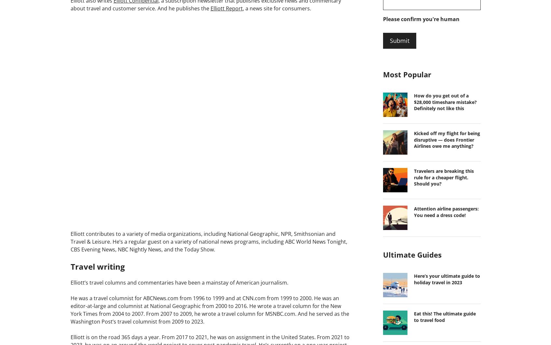  I want to click on 'Attention airline passengers: You need a dress code!', so click(446, 211).